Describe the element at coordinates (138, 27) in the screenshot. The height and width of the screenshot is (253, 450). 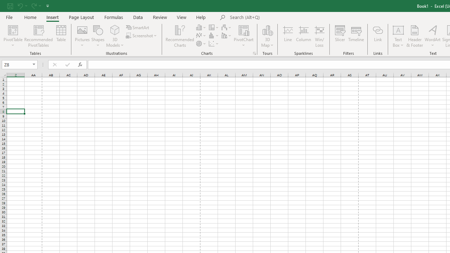
I see `'SmartArt...'` at that location.